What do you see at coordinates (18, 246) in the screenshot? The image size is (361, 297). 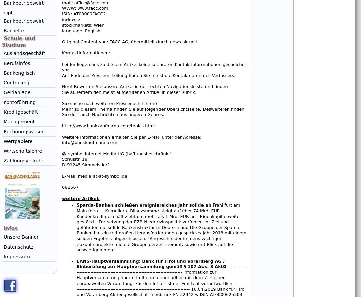 I see `'Datenschutz'` at bounding box center [18, 246].